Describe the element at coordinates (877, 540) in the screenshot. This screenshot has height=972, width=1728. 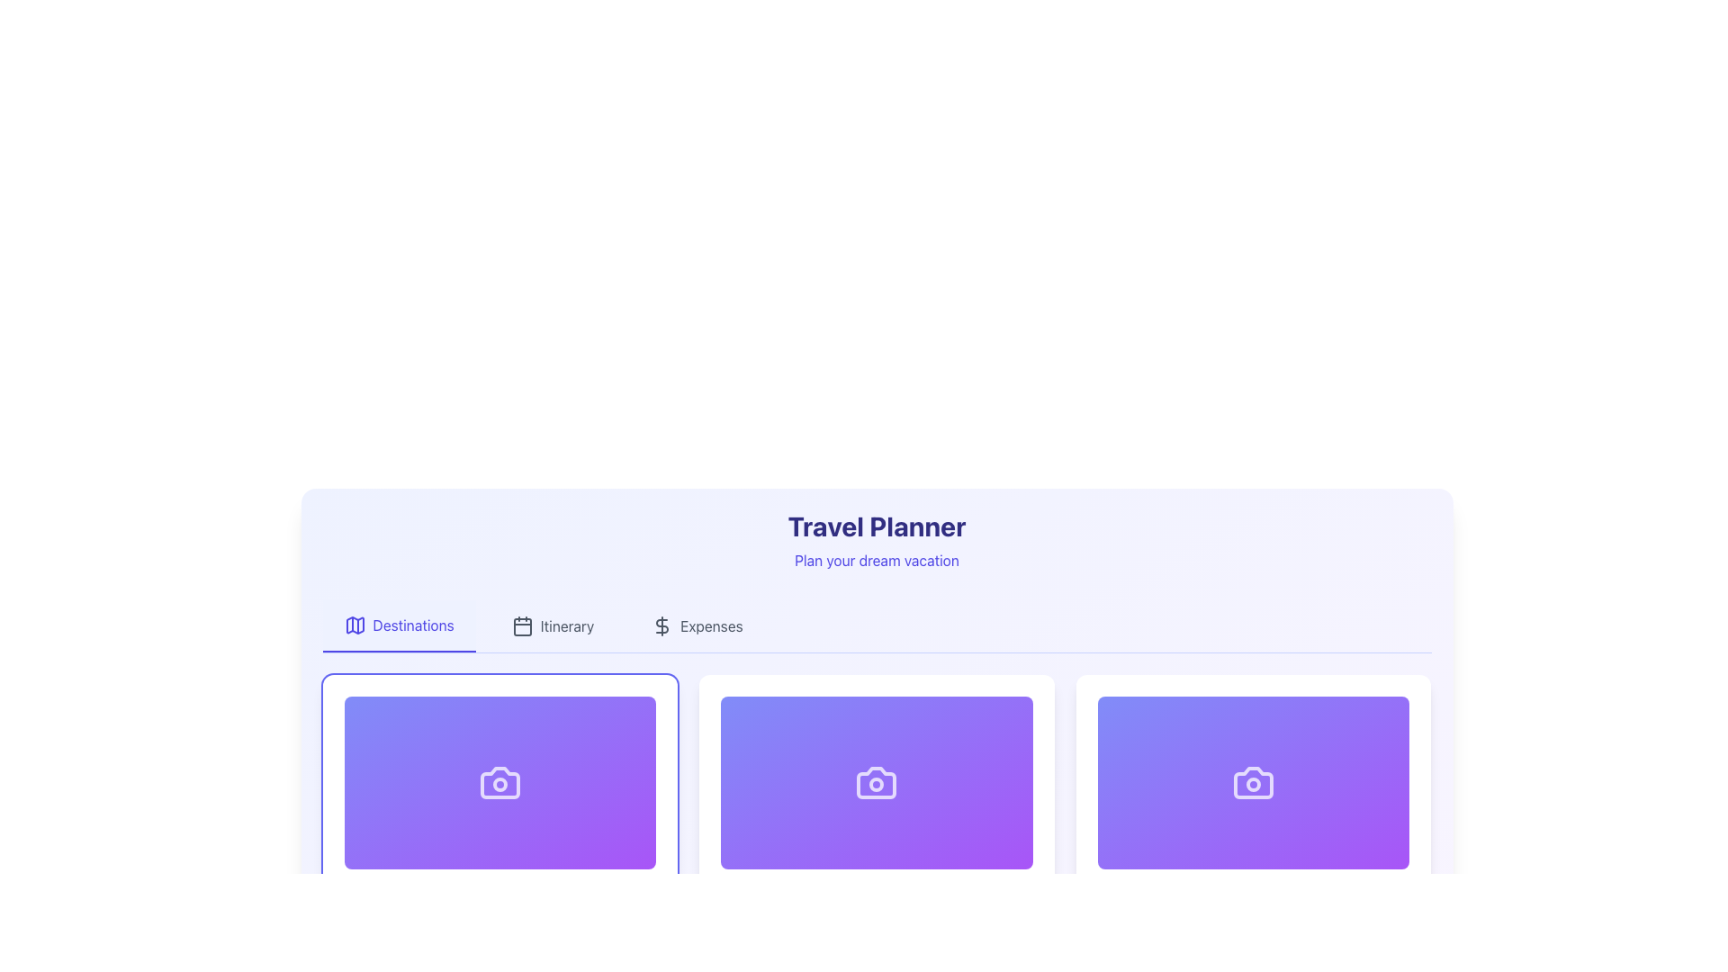
I see `the text block displaying the title 'Travel Planner' and subtitle 'Plan your dream vacation', which is located above the tab navigation bar` at that location.